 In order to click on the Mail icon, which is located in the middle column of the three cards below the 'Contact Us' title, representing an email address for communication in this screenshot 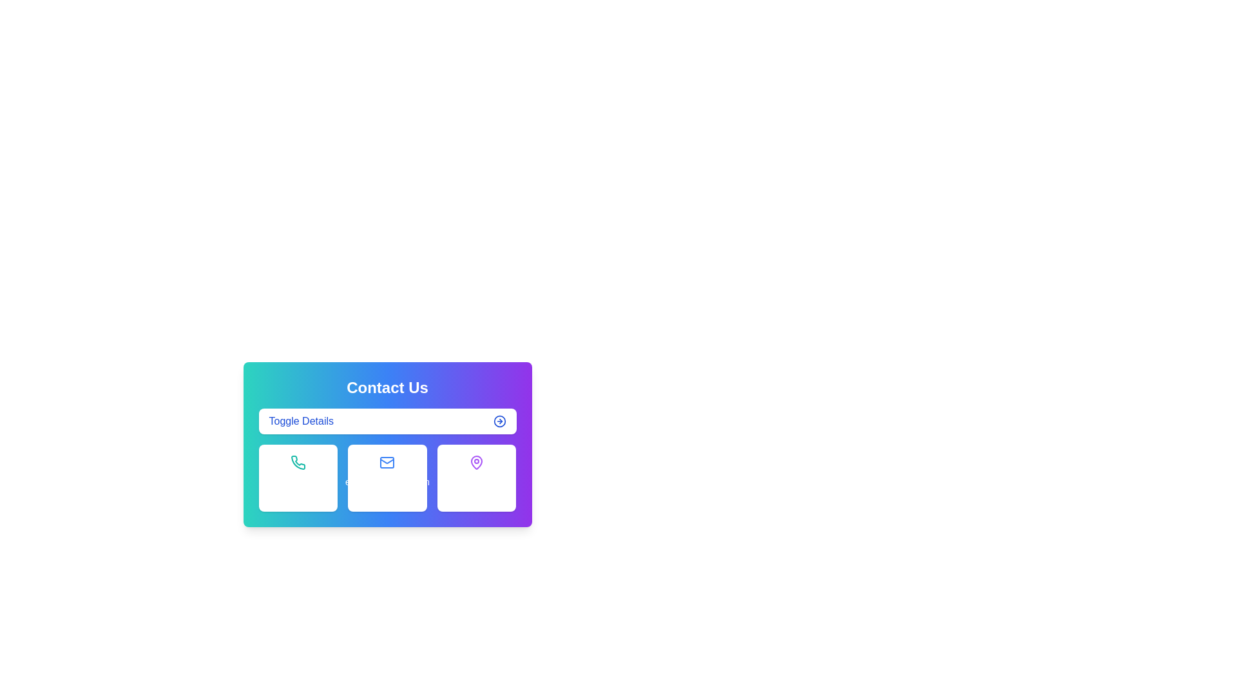, I will do `click(387, 461)`.